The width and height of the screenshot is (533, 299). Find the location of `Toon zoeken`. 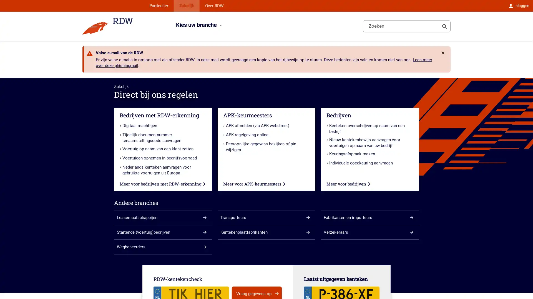

Toon zoeken is located at coordinates (444, 26).